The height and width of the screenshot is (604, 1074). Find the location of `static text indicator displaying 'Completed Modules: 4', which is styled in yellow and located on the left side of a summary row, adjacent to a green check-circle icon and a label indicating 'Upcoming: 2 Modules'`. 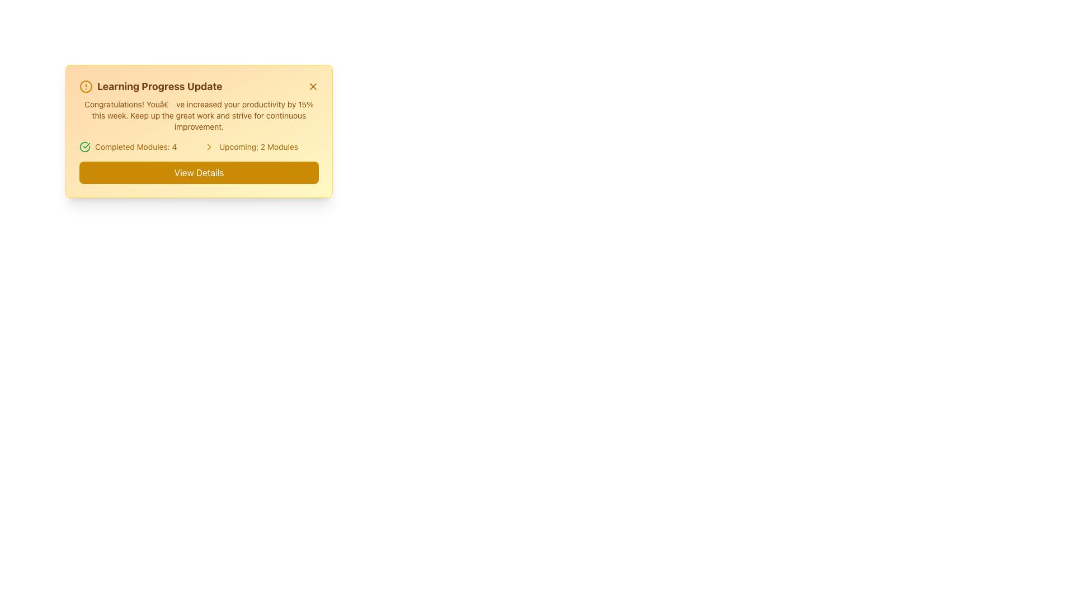

static text indicator displaying 'Completed Modules: 4', which is styled in yellow and located on the left side of a summary row, adjacent to a green check-circle icon and a label indicating 'Upcoming: 2 Modules' is located at coordinates (135, 146).